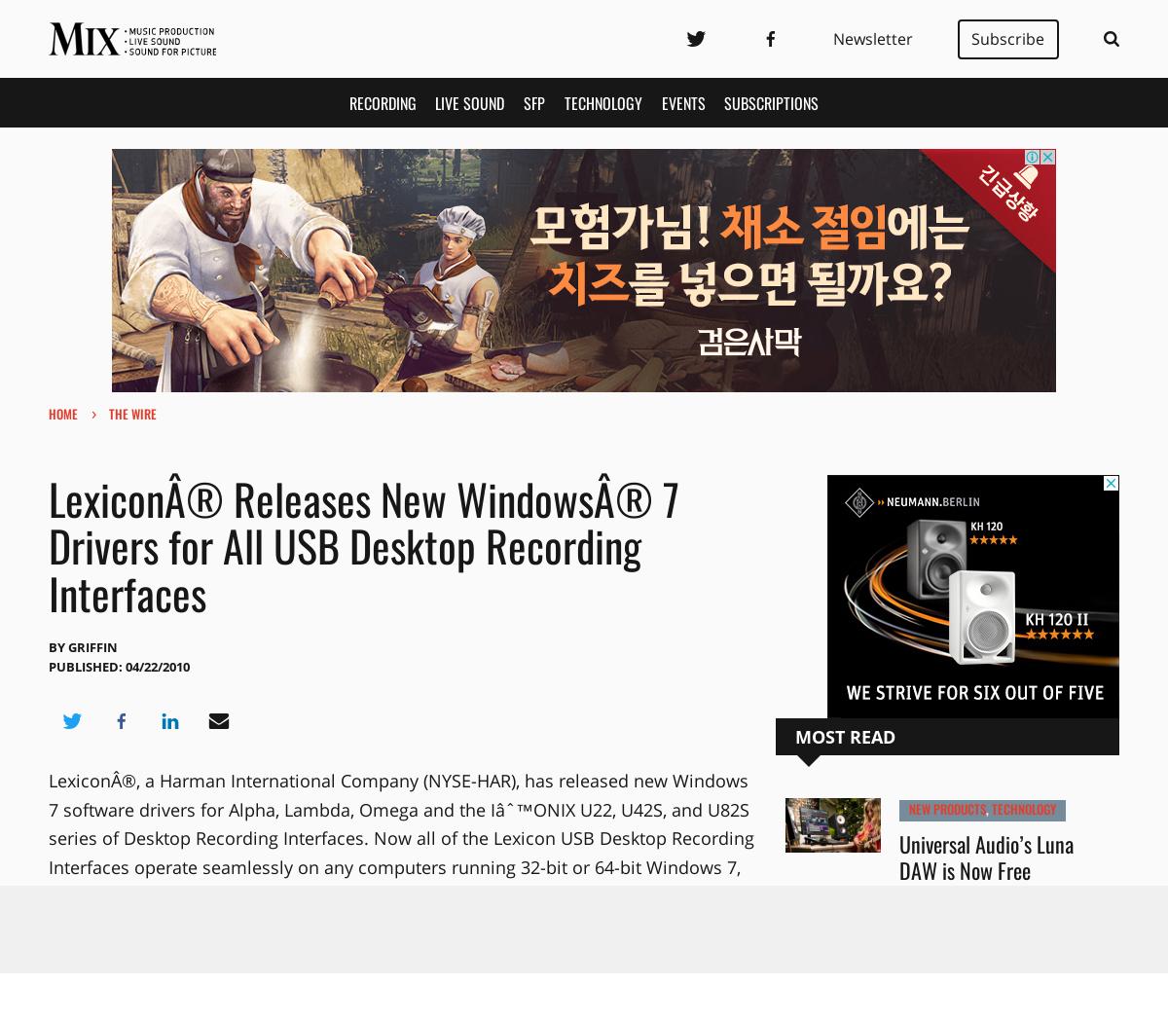 Image resolution: width=1168 pixels, height=1021 pixels. I want to click on 'Music Production', so click(958, 946).